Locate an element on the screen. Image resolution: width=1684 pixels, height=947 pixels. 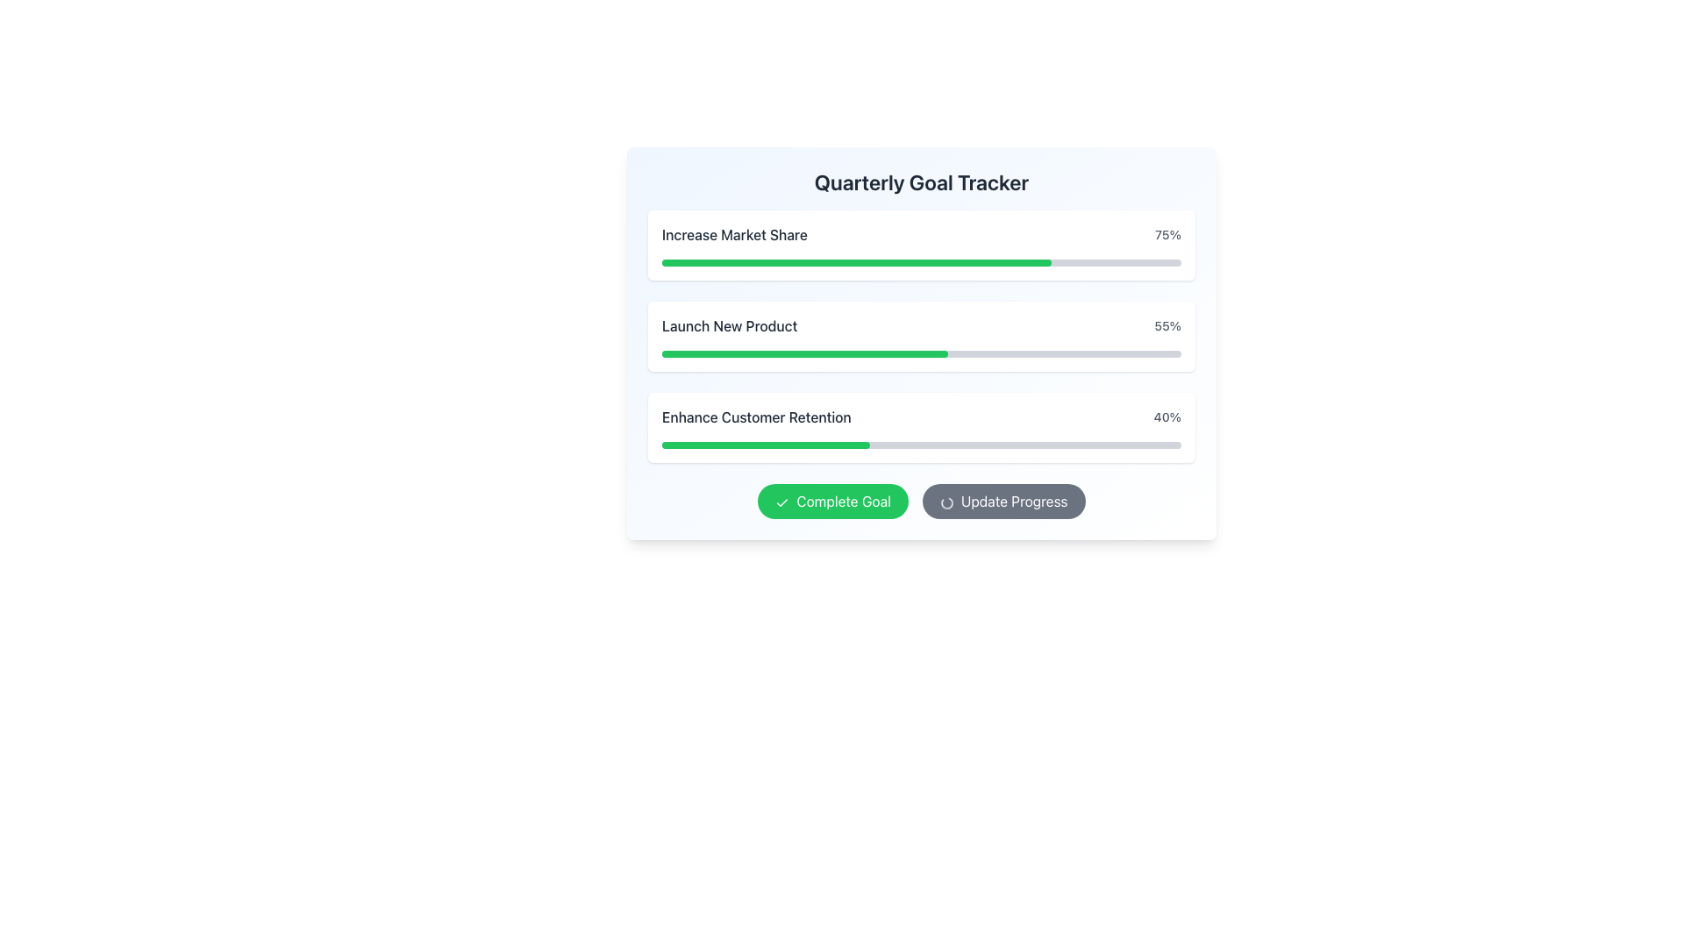
the progress bar representing 'Launch New Product' is located at coordinates (921, 337).